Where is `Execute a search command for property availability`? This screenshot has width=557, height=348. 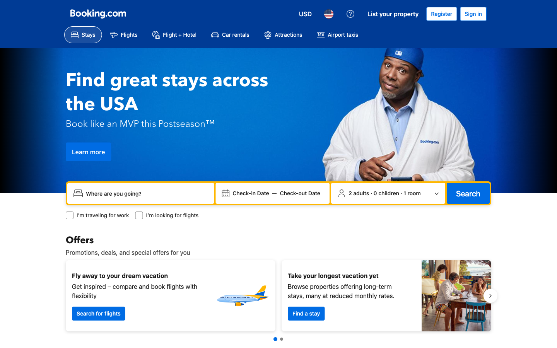
Execute a search command for property availability is located at coordinates (468, 193).